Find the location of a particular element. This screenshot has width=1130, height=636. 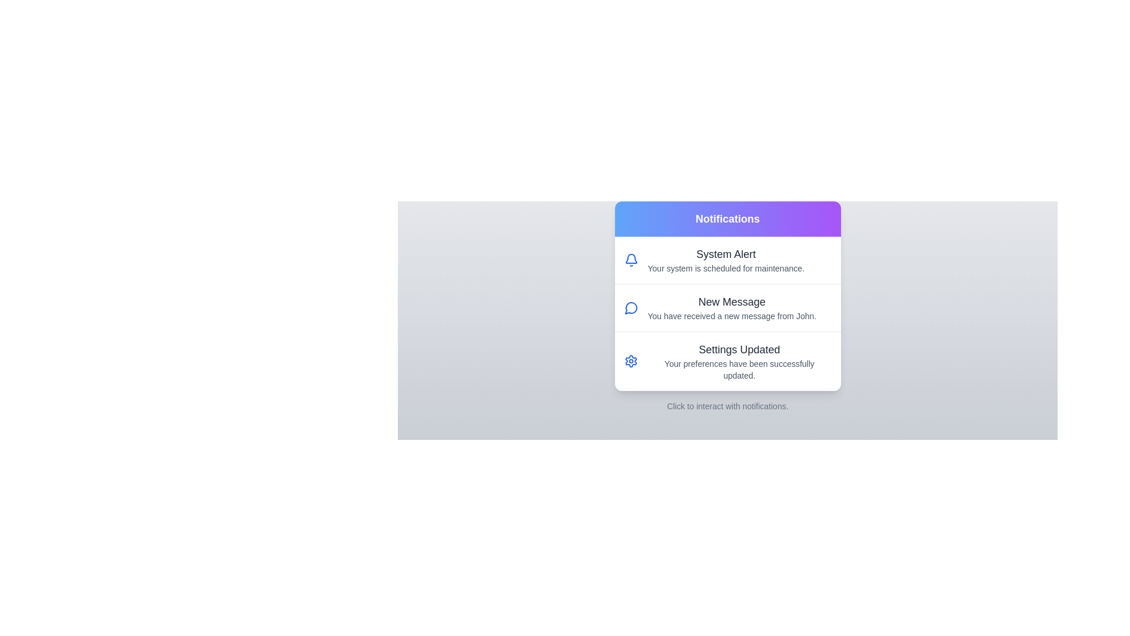

the icon associated with the notification titled 'System Alert' is located at coordinates (630, 260).